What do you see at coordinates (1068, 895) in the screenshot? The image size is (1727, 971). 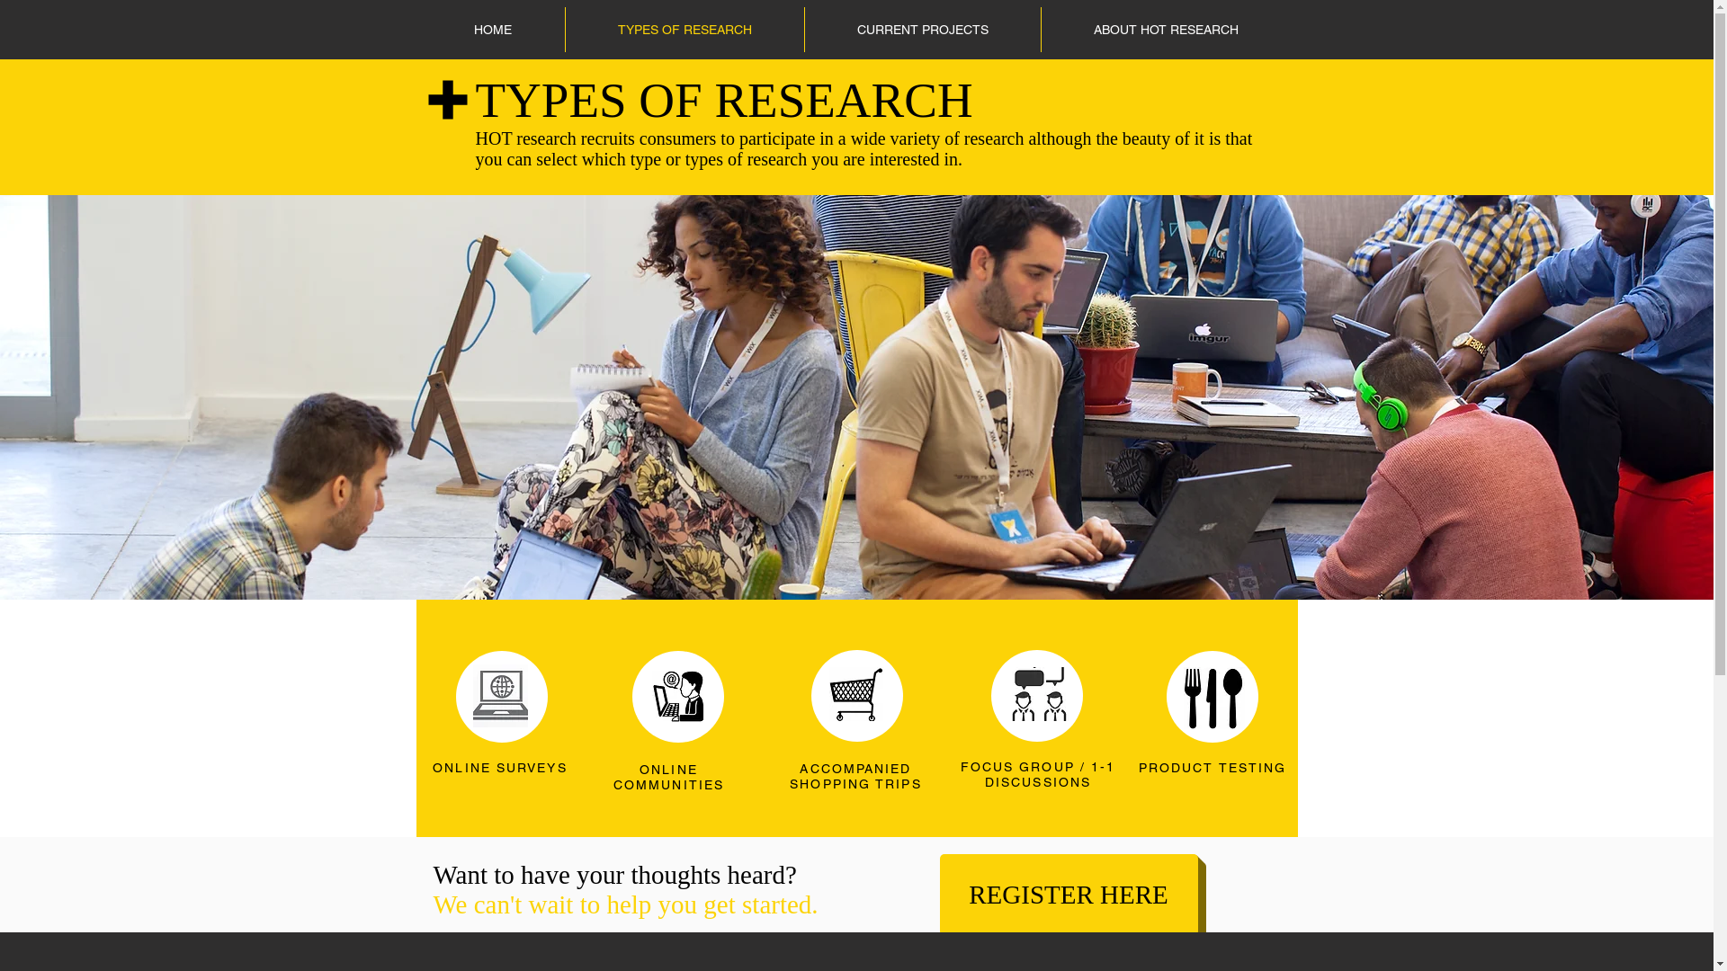 I see `'REGISTER HERE'` at bounding box center [1068, 895].